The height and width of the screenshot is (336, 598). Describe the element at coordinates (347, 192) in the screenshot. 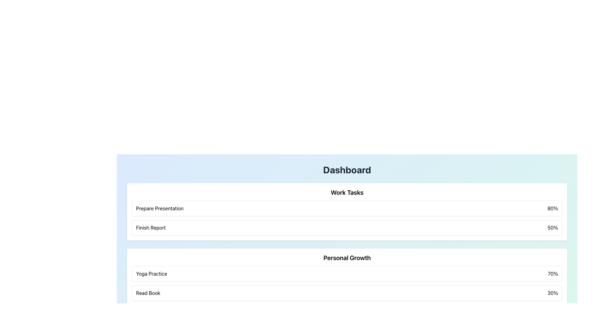

I see `the Text header element, which serves as the title for the section summarizing work-related tasks, positioned at the top center of a white, rounded box with shadow effects` at that location.